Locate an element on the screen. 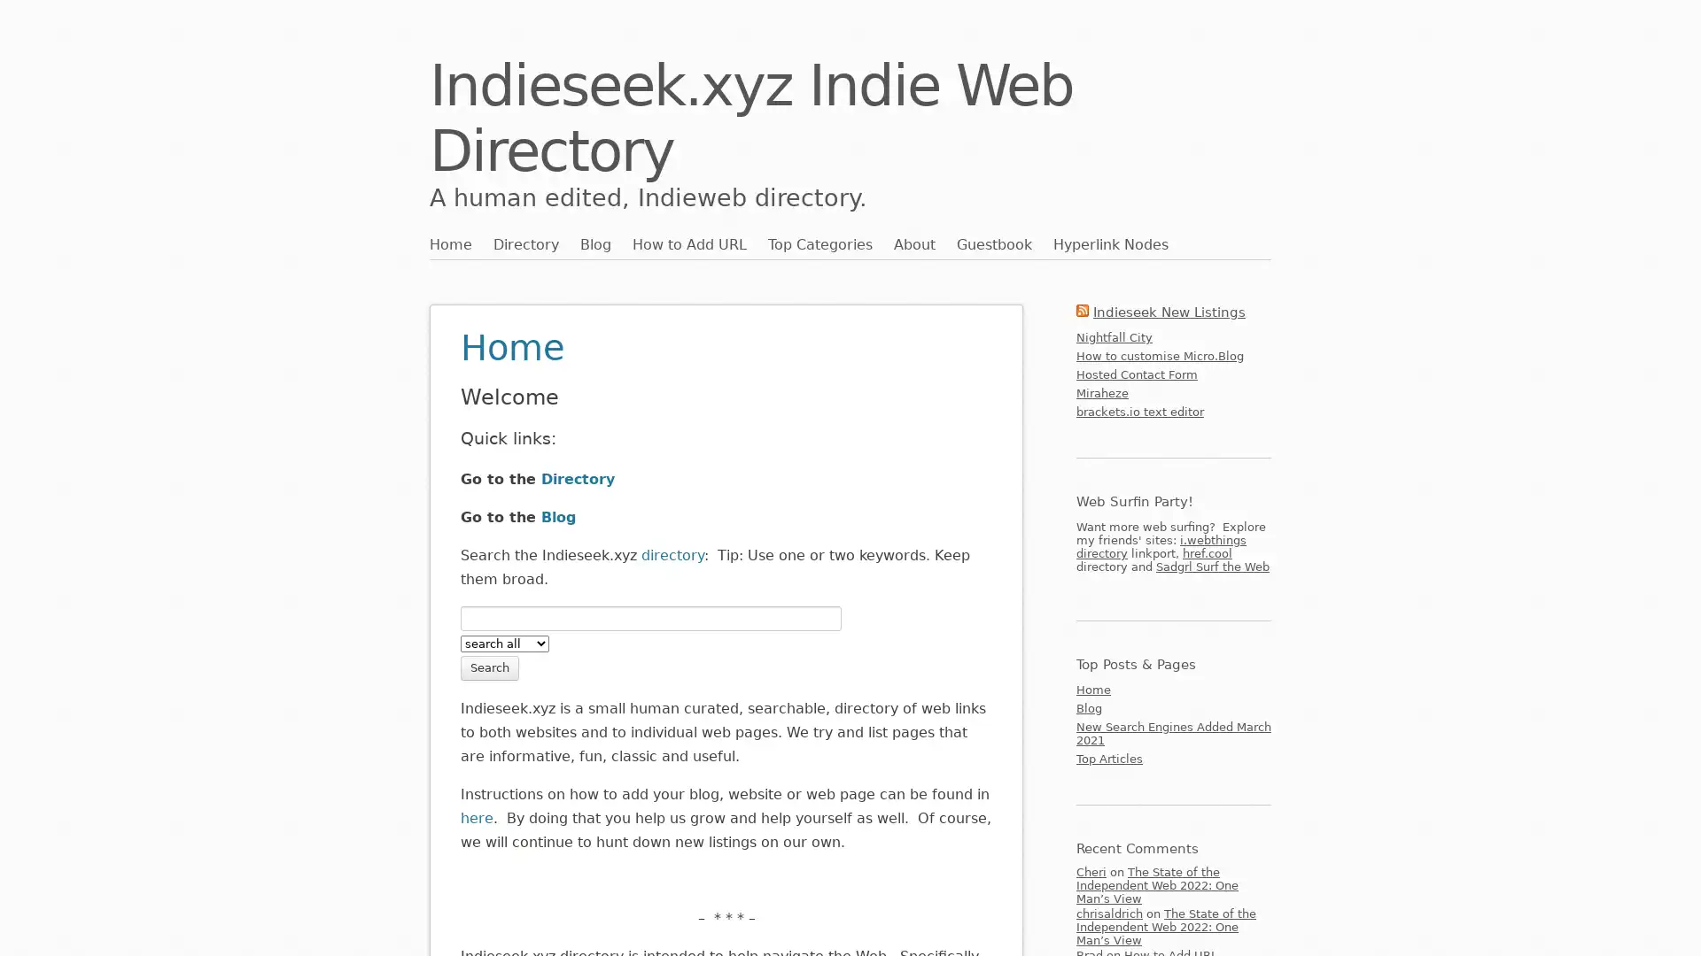 Image resolution: width=1701 pixels, height=956 pixels. Search is located at coordinates (489, 667).